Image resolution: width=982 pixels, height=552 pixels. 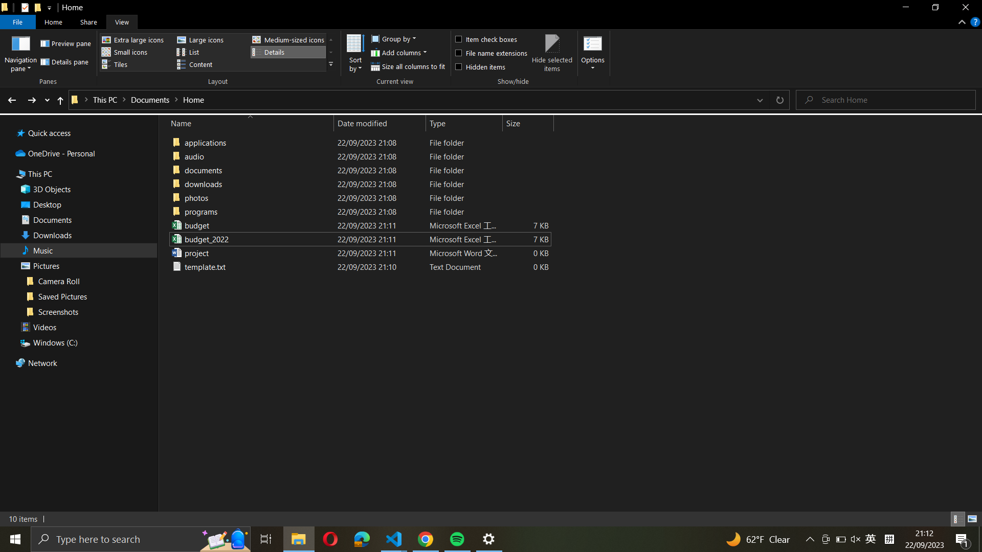 I want to click on Close the current window using the "close_window" button, so click(x=965, y=9).